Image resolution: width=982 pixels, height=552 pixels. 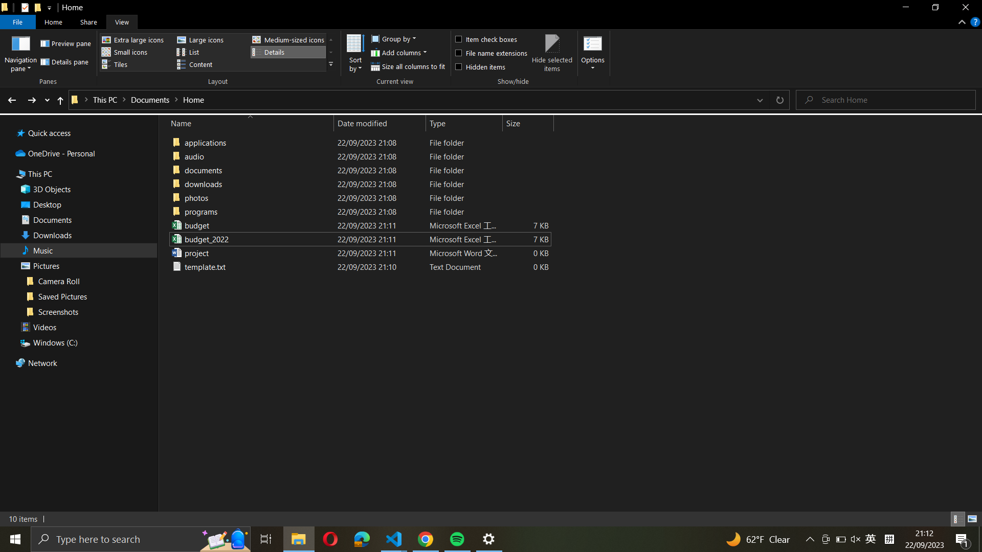 I want to click on Close the current window using the "close_window" button, so click(x=965, y=9).